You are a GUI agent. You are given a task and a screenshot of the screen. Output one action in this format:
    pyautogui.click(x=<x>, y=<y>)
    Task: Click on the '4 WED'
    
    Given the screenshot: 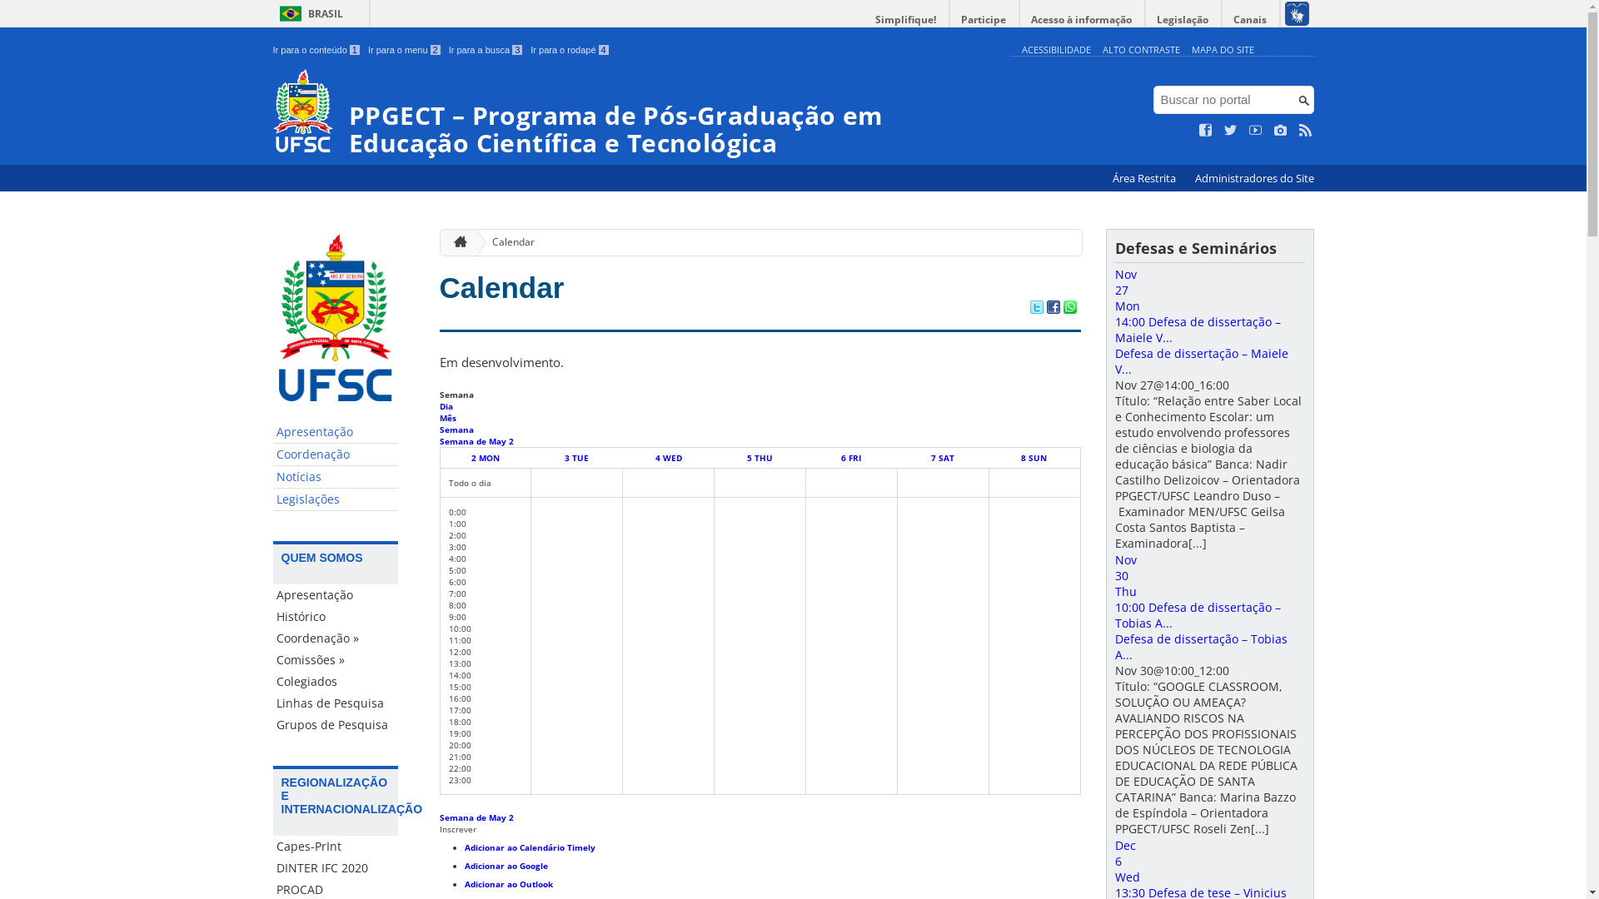 What is the action you would take?
    pyautogui.click(x=668, y=458)
    